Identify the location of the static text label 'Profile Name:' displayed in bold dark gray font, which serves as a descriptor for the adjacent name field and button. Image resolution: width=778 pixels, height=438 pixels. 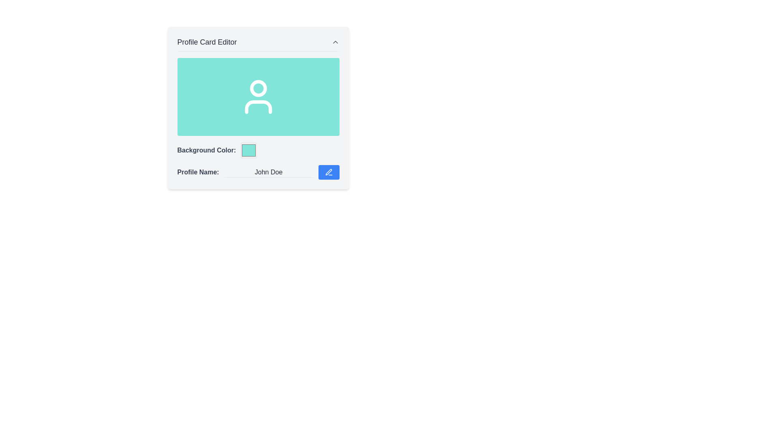
(198, 172).